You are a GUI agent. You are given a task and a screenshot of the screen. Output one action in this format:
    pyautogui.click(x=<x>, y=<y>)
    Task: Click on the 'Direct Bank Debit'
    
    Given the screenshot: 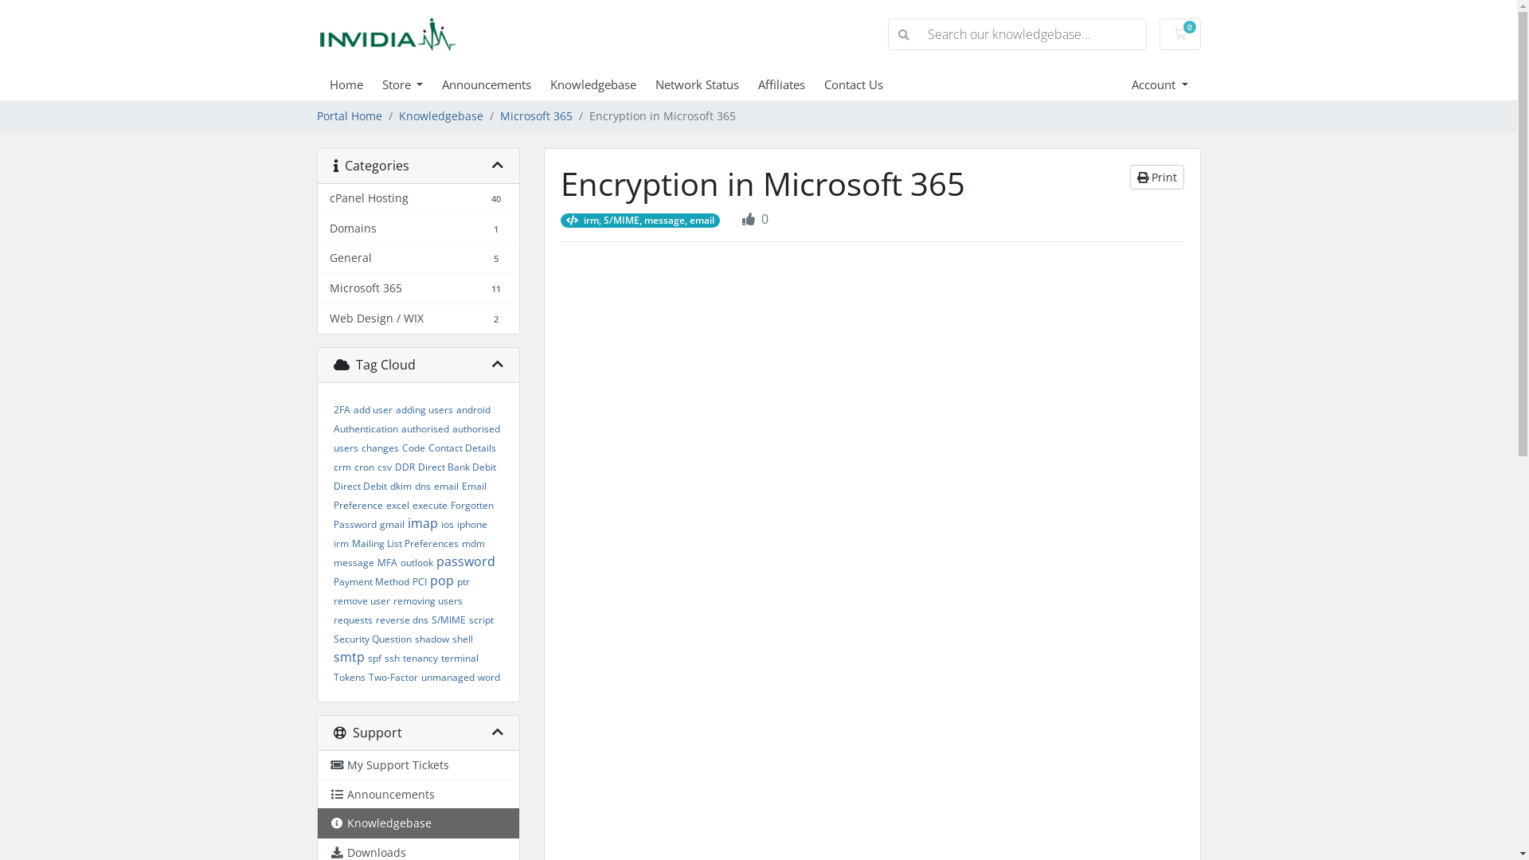 What is the action you would take?
    pyautogui.click(x=455, y=466)
    